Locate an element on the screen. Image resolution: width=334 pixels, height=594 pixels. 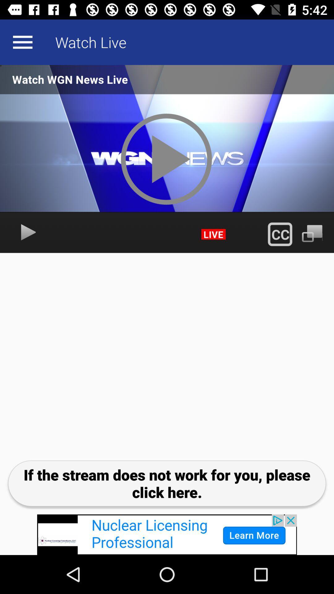
manu is located at coordinates (22, 42).